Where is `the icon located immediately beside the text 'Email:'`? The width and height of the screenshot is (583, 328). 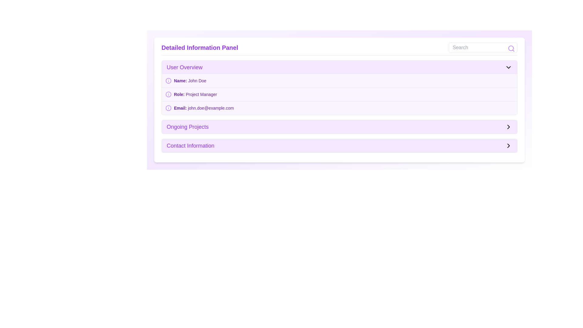 the icon located immediately beside the text 'Email:' is located at coordinates (169, 108).